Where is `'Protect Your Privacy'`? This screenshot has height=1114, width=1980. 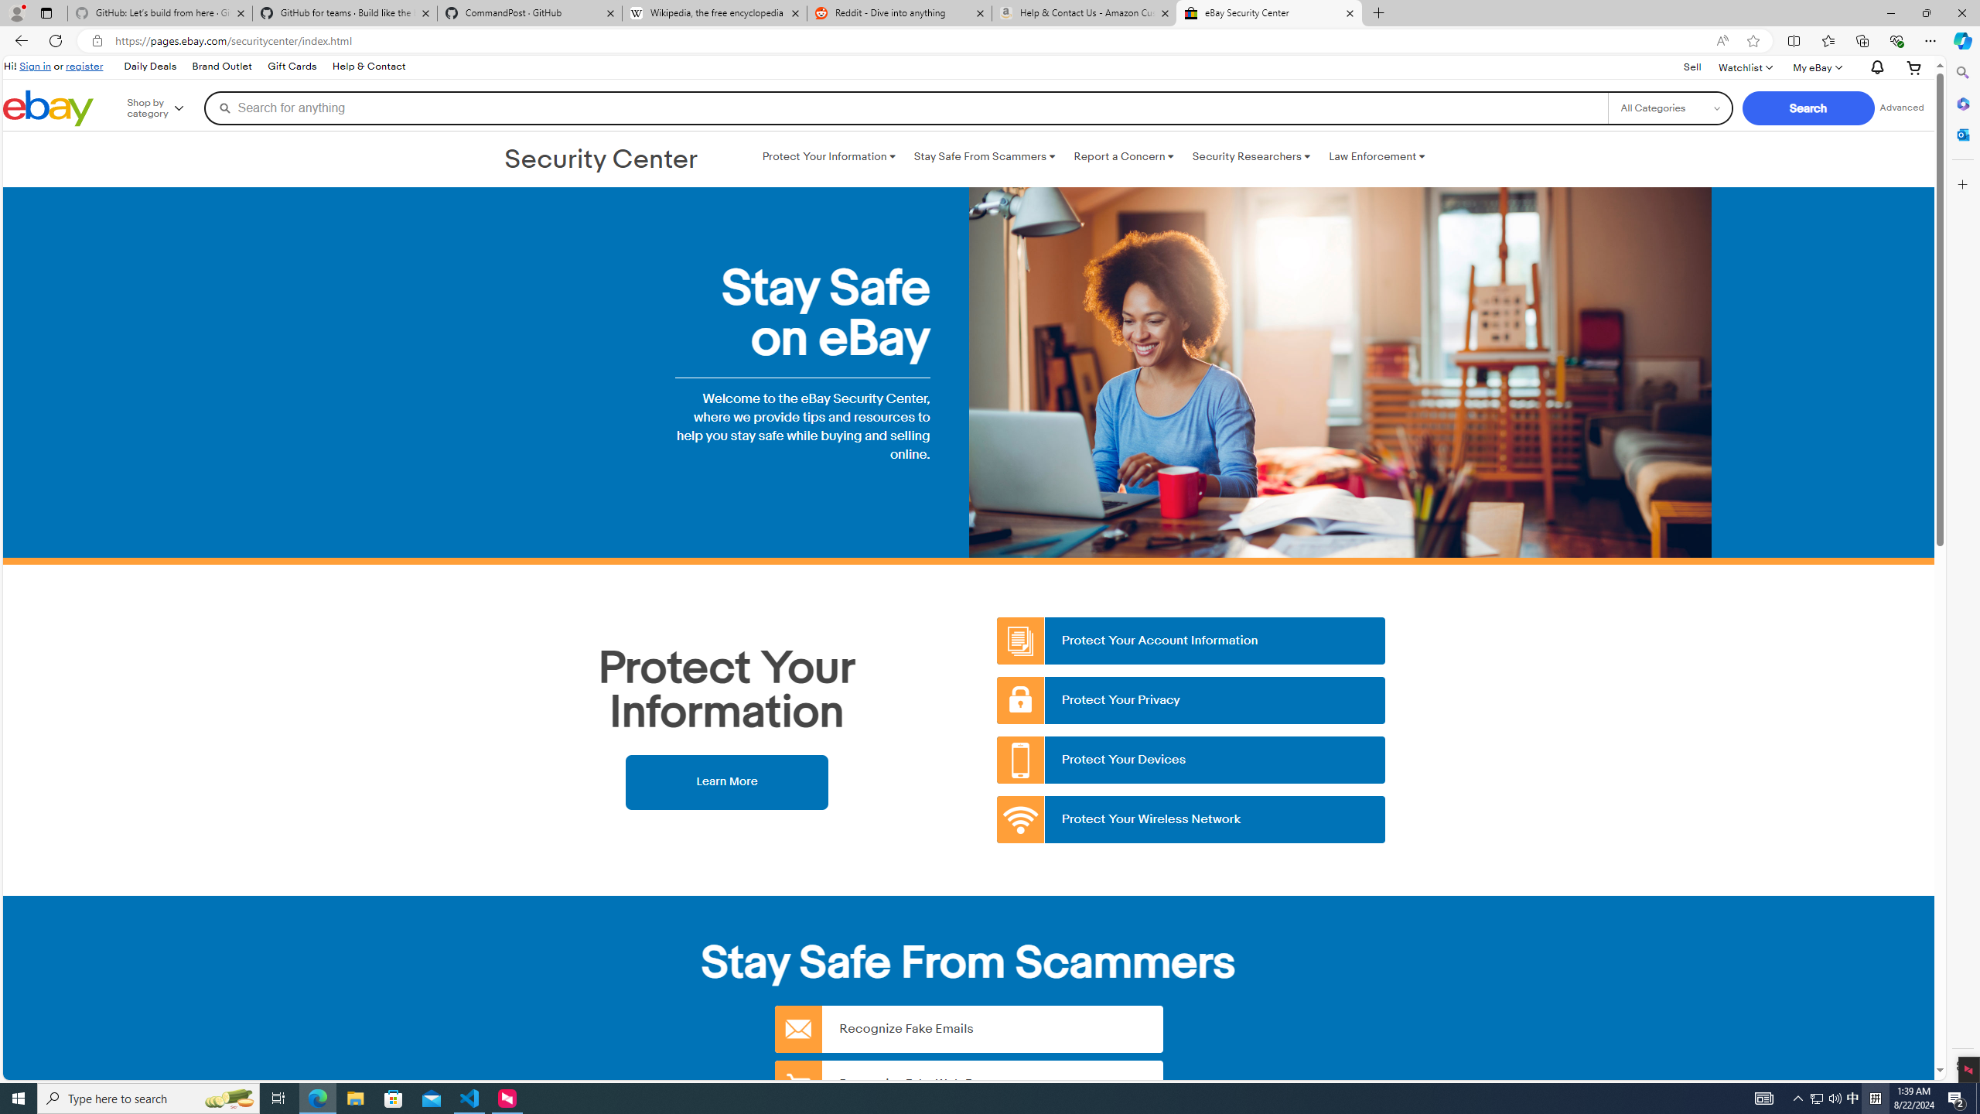 'Protect Your Privacy' is located at coordinates (1191, 699).